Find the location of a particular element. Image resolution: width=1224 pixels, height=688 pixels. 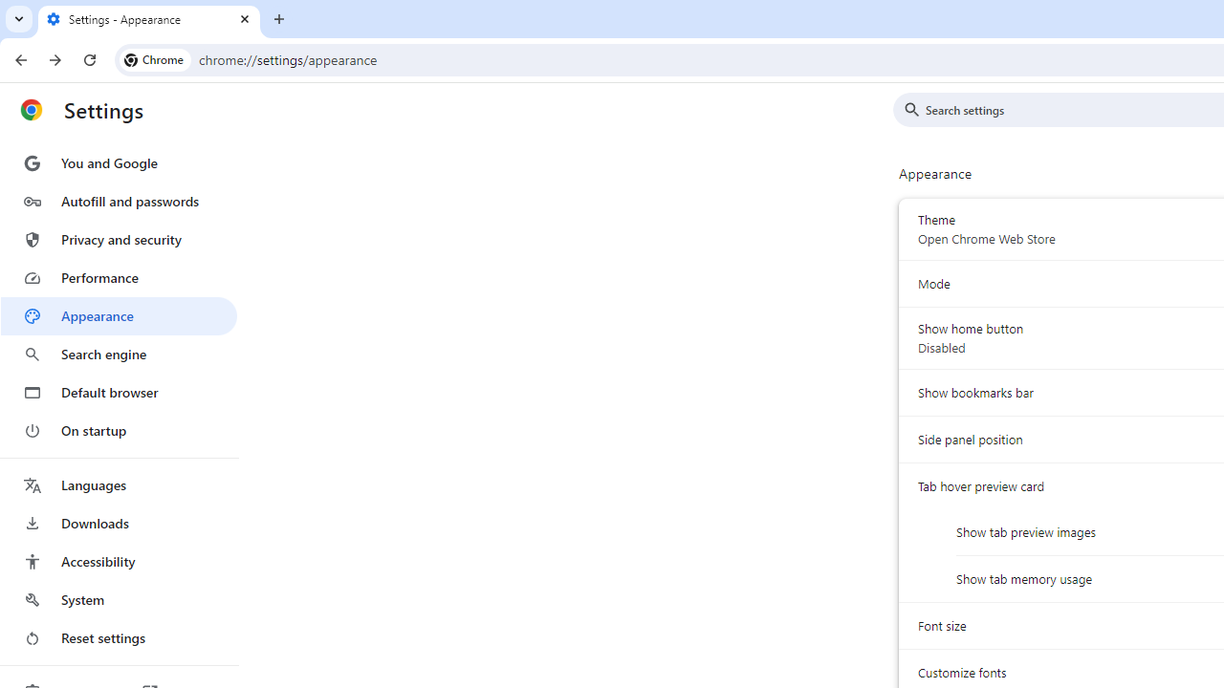

'You and Google' is located at coordinates (118, 162).